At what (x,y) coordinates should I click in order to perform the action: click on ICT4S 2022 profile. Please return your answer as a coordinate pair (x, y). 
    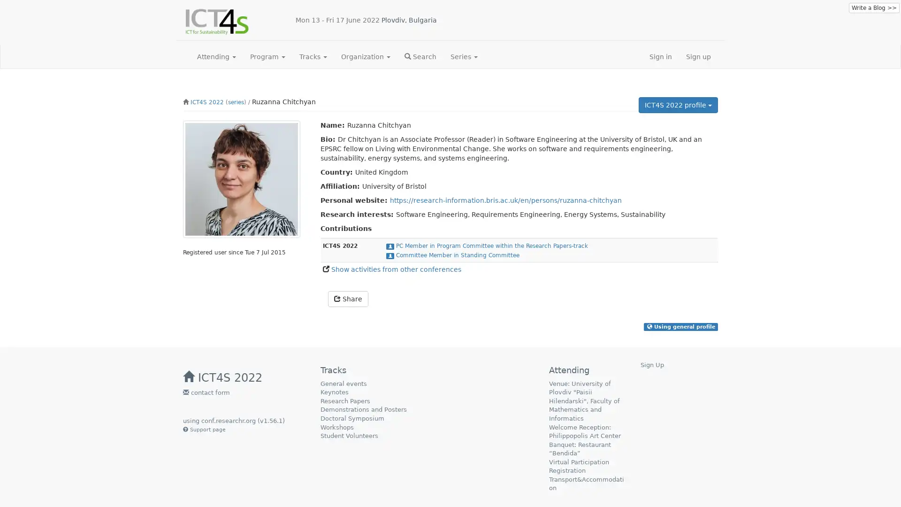
    Looking at the image, I should click on (678, 105).